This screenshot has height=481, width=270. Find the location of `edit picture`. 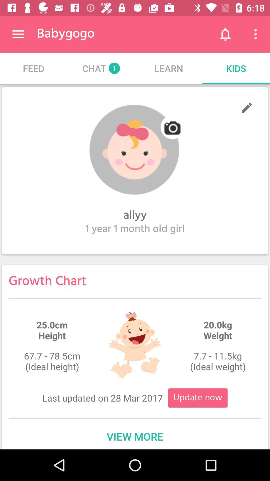

edit picture is located at coordinates (135, 150).